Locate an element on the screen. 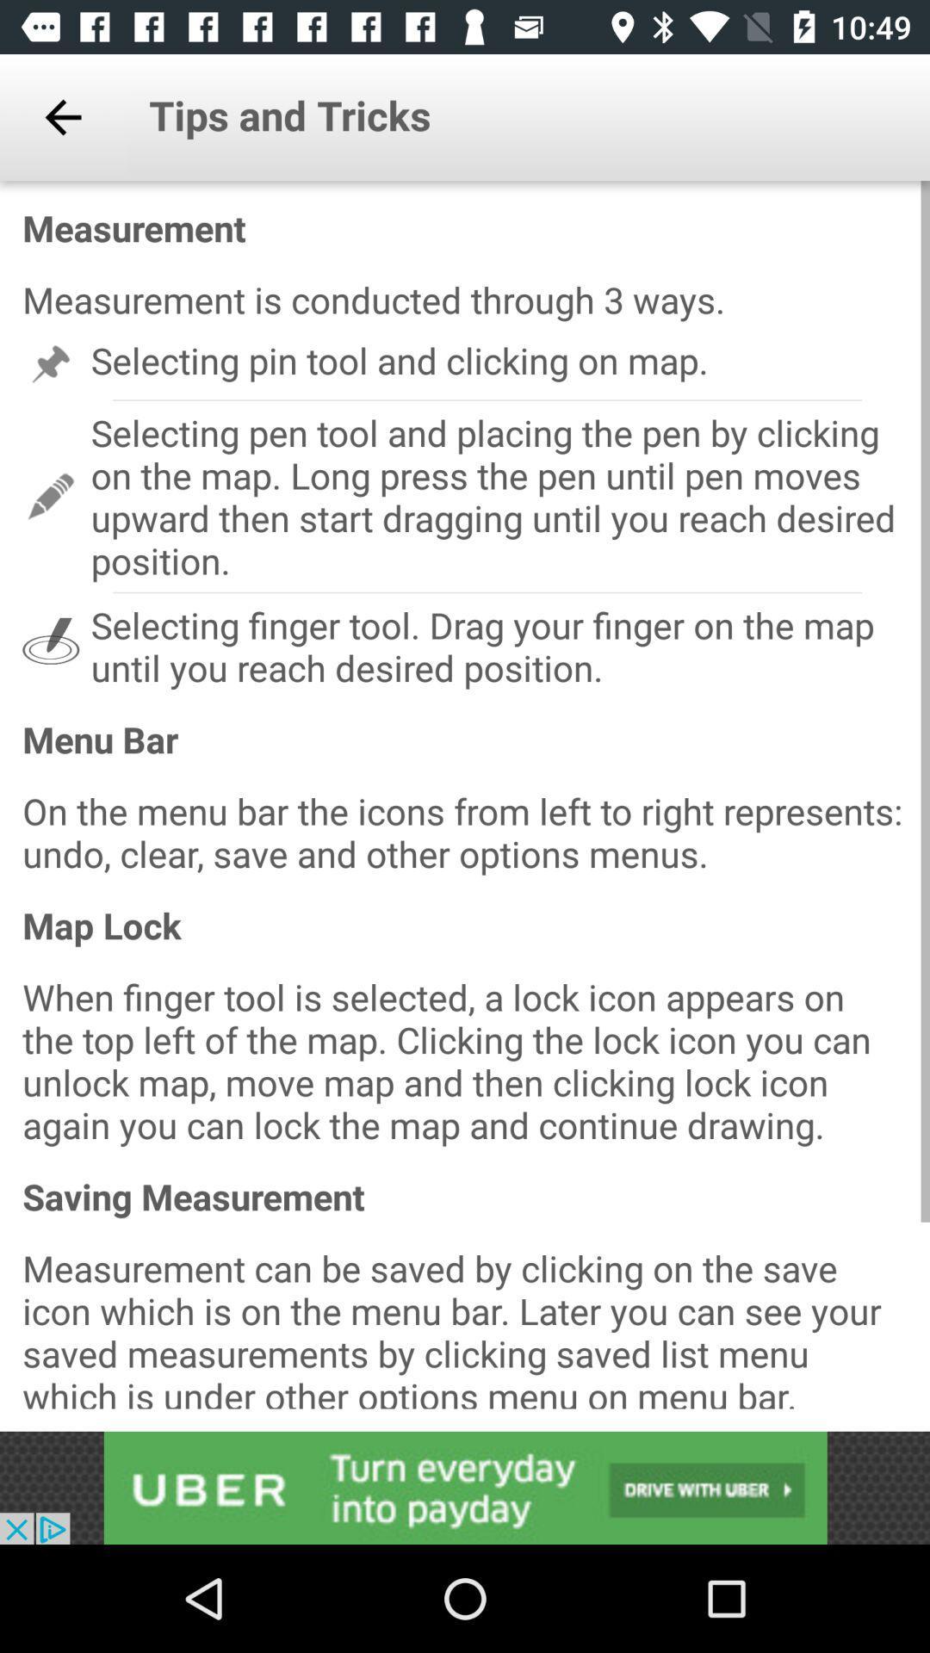 The height and width of the screenshot is (1653, 930). the advertisement is located at coordinates (465, 1487).